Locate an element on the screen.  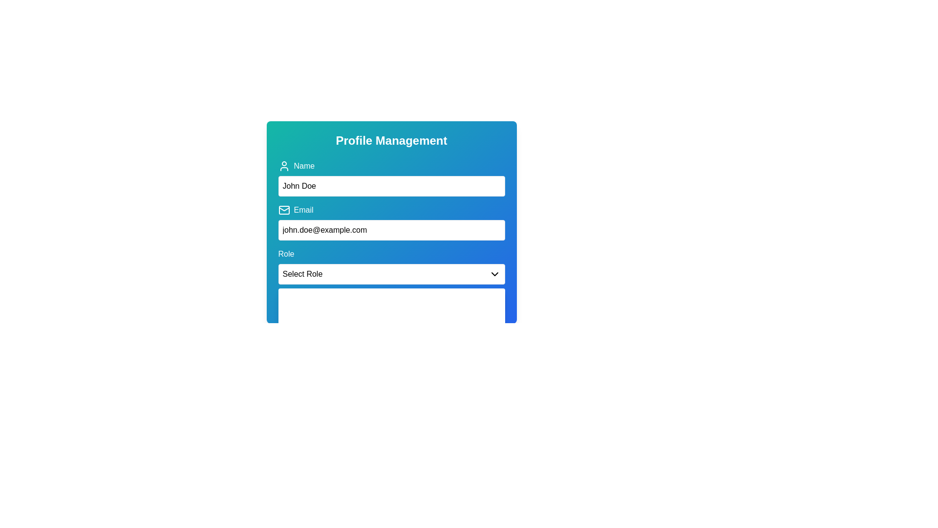
the dropdown indicator icon located at the far right of the 'Select Role' dropdown menu is located at coordinates (494, 274).